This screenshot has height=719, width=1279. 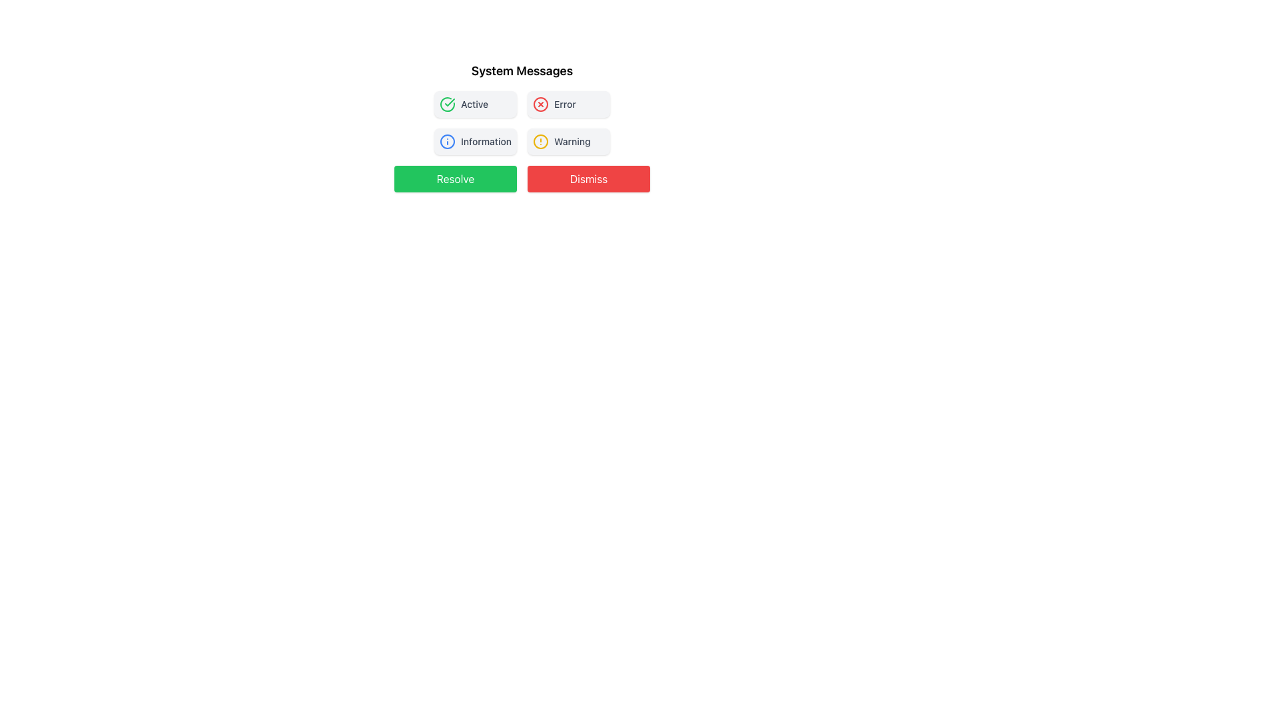 I want to click on the 'Warning' text label located in the upper right area of the notification block within the 'System Messages' section, so click(x=572, y=141).